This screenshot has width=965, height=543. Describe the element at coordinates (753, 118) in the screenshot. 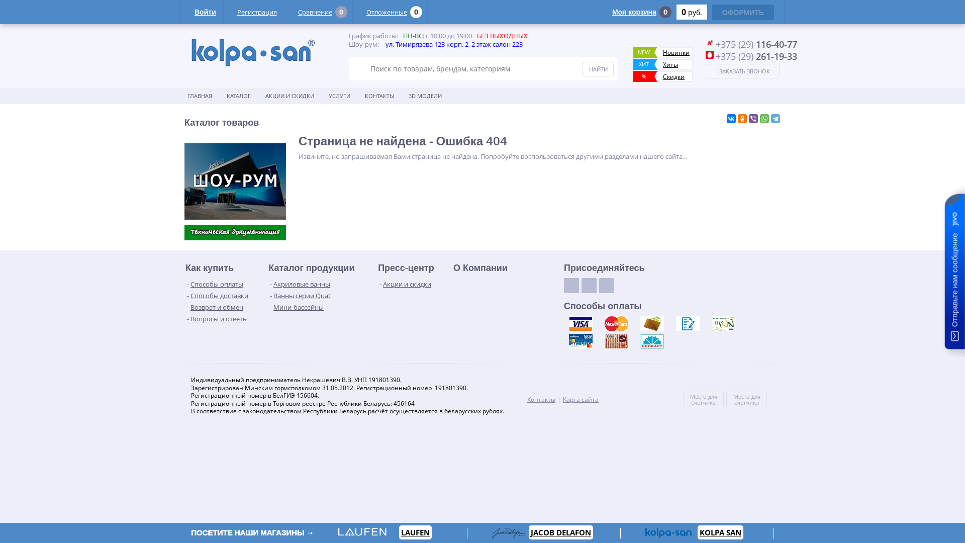

I see `'Viber'` at that location.